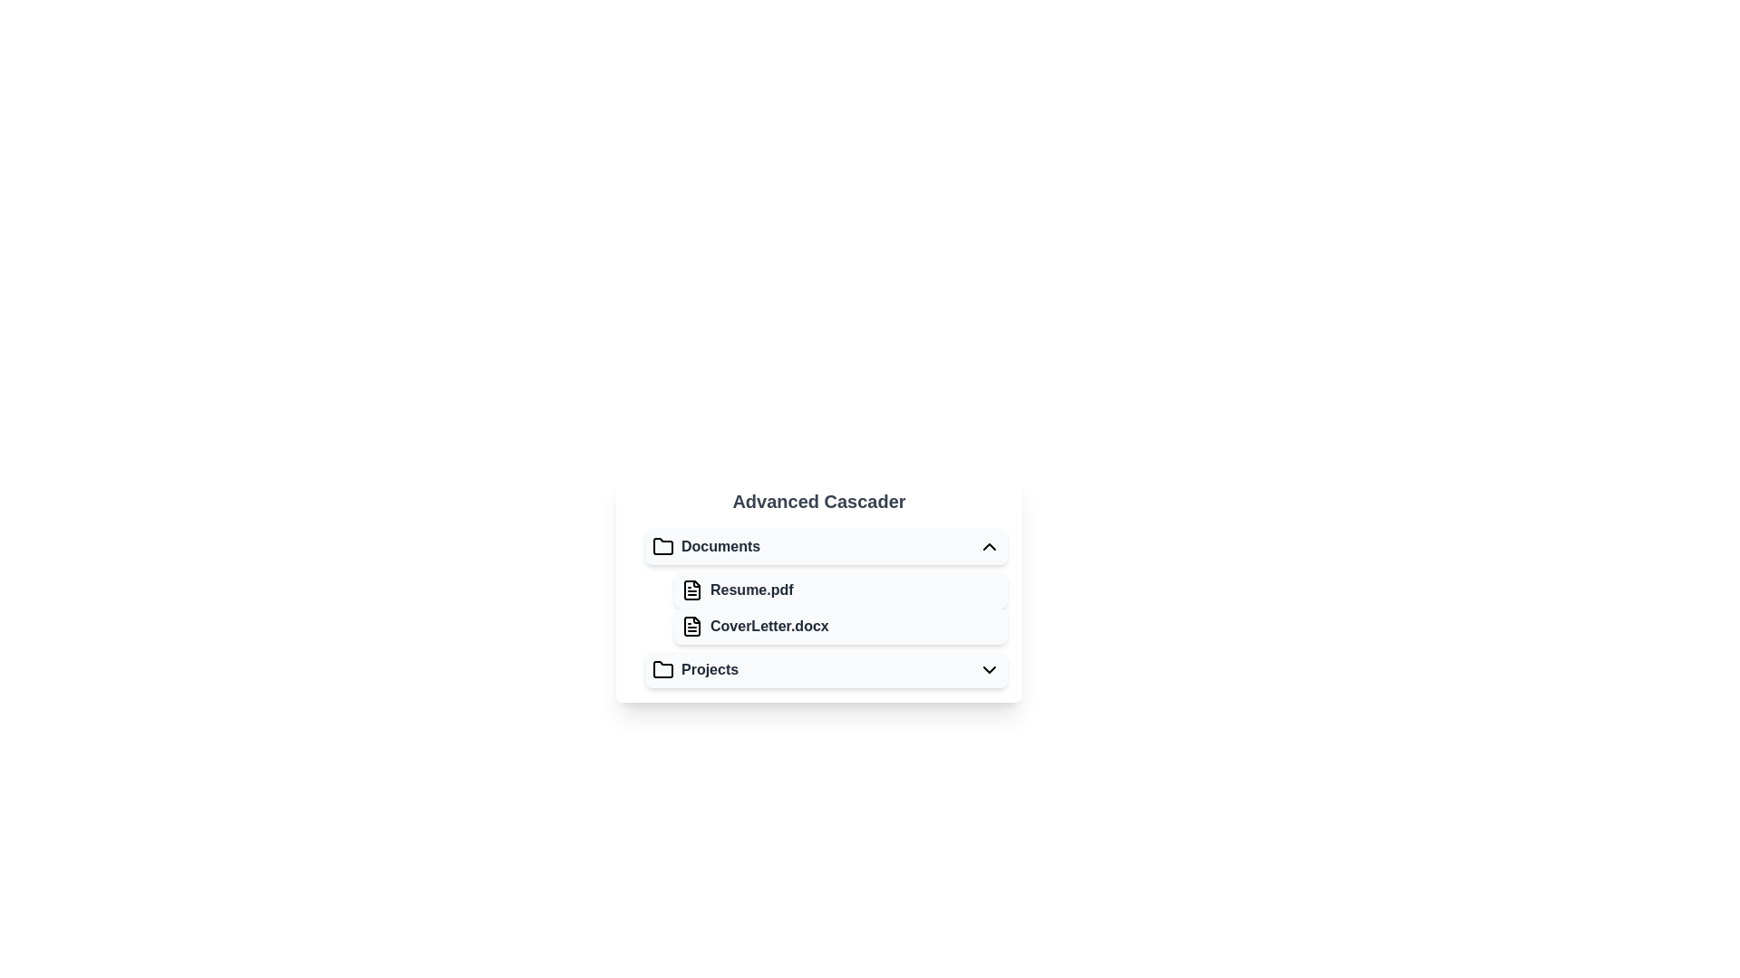 This screenshot has height=978, width=1740. I want to click on the static text label that serves as the file name in the 'Documents' section of the navigation menu, so click(751, 590).